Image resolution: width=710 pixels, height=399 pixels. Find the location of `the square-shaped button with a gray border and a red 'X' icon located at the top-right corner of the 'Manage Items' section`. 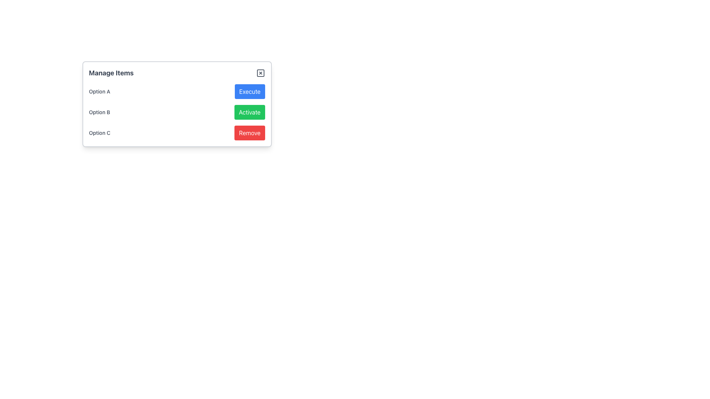

the square-shaped button with a gray border and a red 'X' icon located at the top-right corner of the 'Manage Items' section is located at coordinates (260, 73).